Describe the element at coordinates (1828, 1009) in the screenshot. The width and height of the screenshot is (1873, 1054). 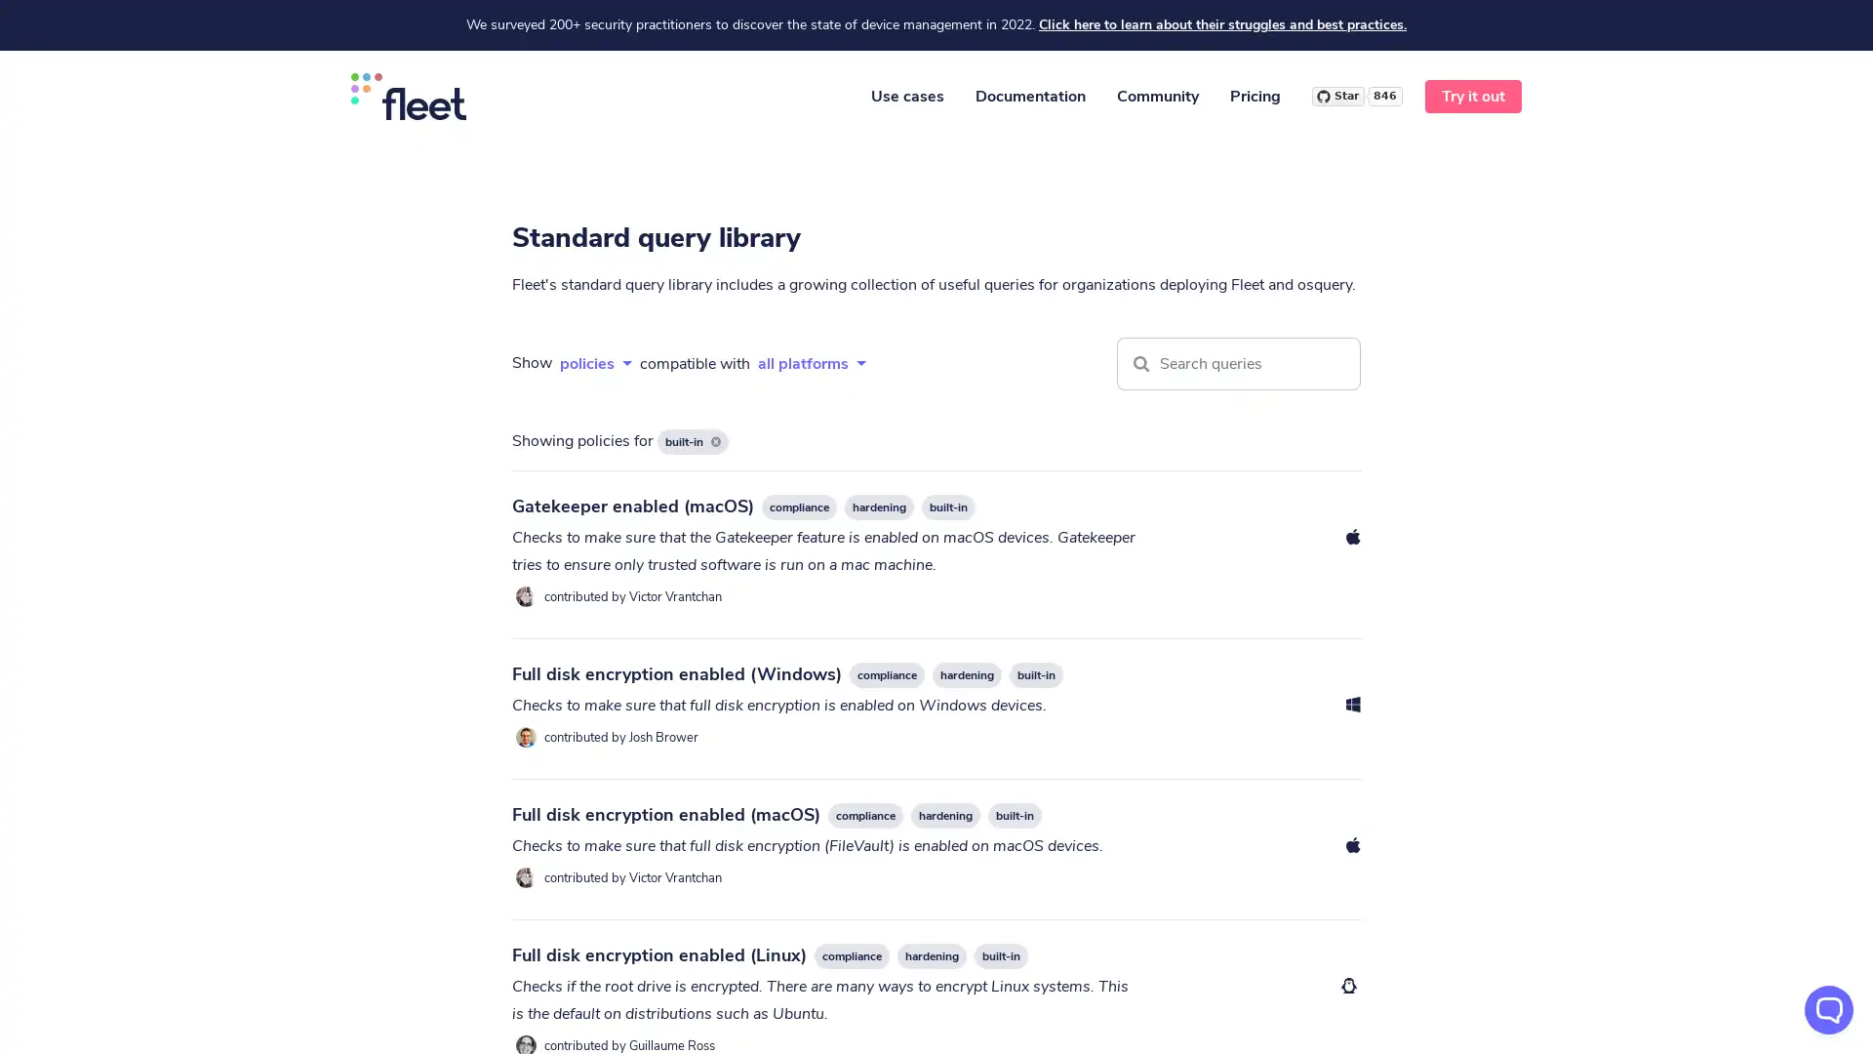
I see `Open chat widget` at that location.